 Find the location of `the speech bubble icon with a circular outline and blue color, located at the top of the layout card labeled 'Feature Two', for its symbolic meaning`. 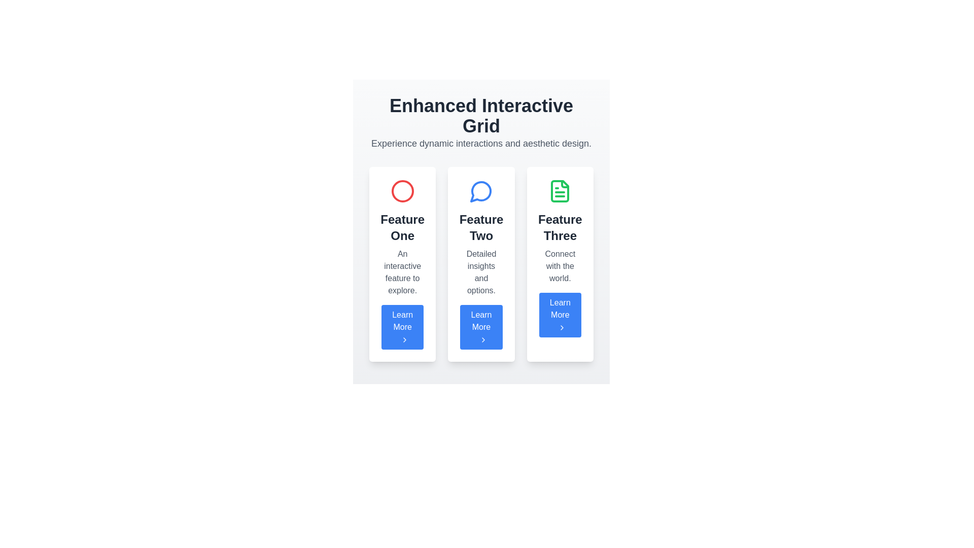

the speech bubble icon with a circular outline and blue color, located at the top of the layout card labeled 'Feature Two', for its symbolic meaning is located at coordinates (481, 191).